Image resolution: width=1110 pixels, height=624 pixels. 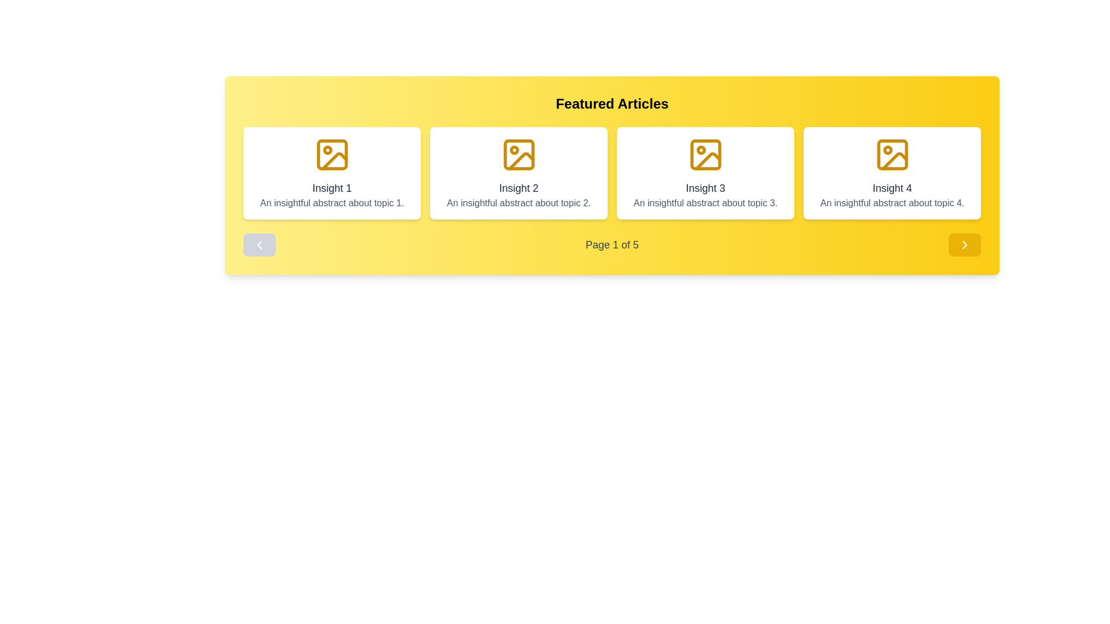 I want to click on text block containing the message 'An insightful abstract about topic 4.' which is styled in gray and center-aligned within the fourth content box below the title 'Insight 4', so click(x=891, y=202).